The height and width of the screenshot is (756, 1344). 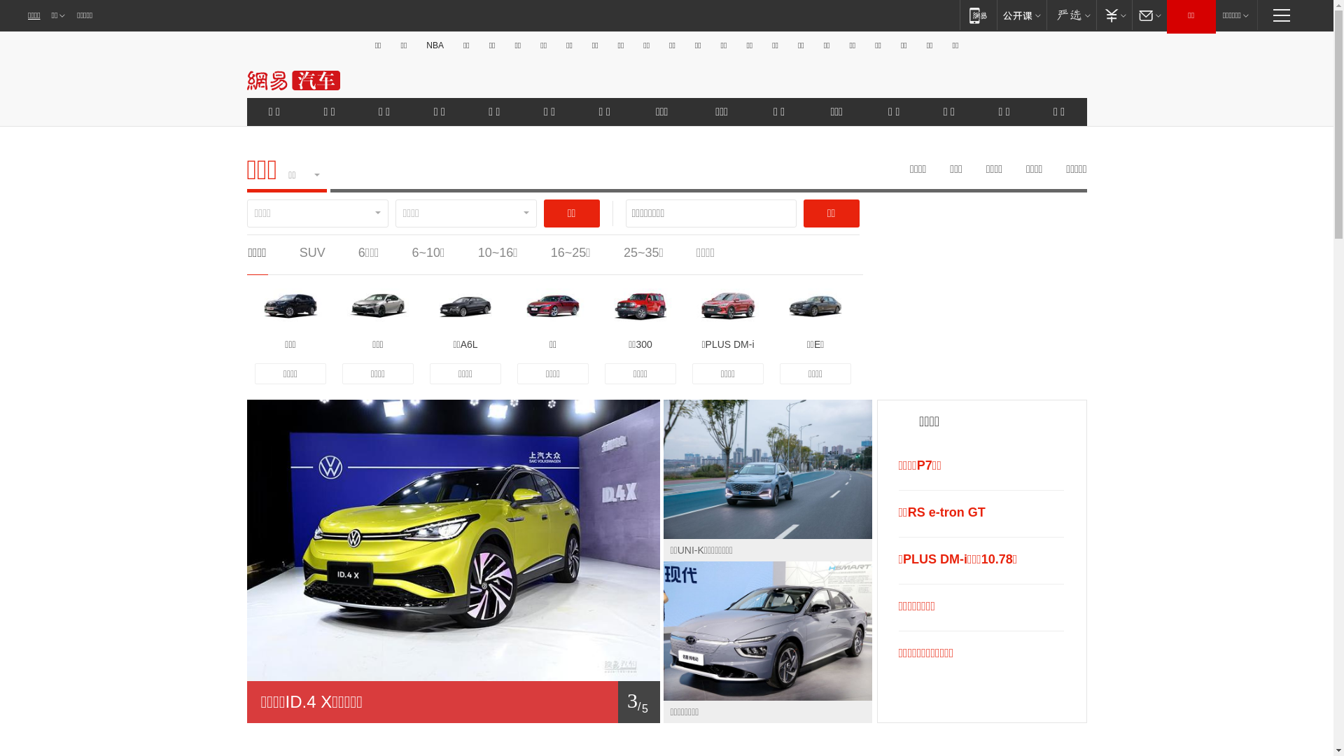 I want to click on '1/ 5', so click(x=453, y=701).